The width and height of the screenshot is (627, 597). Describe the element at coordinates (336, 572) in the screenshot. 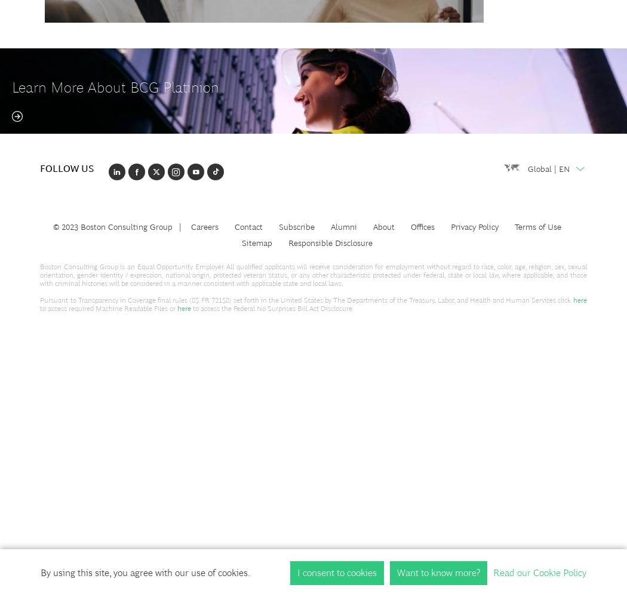

I see `'I consent to cookies'` at that location.